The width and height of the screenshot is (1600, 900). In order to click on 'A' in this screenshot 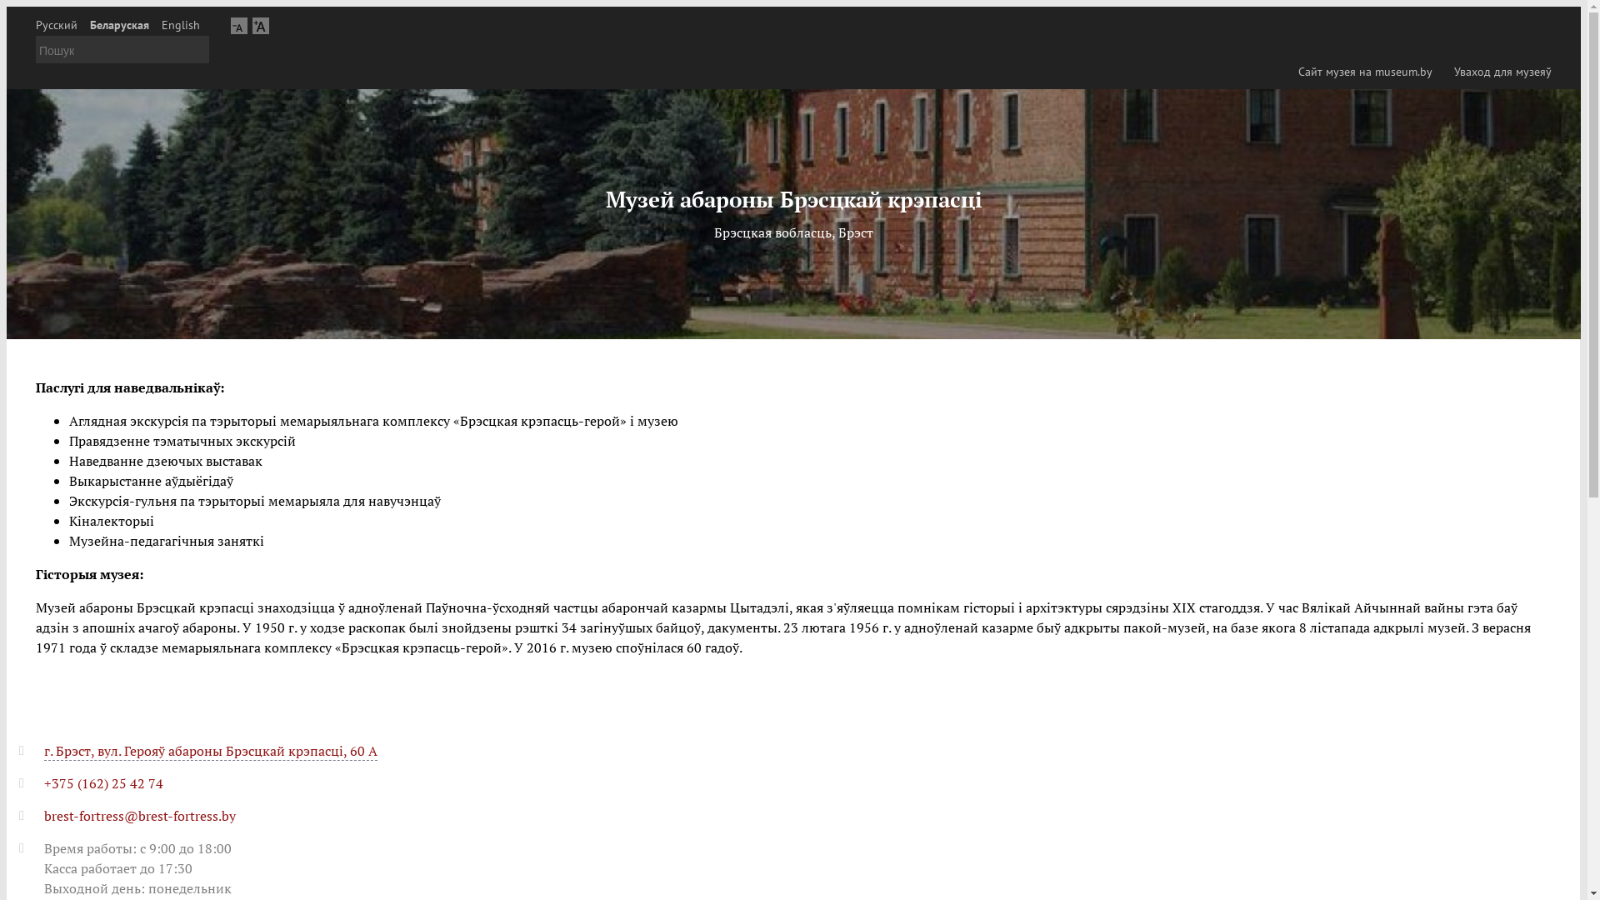, I will do `click(259, 25)`.